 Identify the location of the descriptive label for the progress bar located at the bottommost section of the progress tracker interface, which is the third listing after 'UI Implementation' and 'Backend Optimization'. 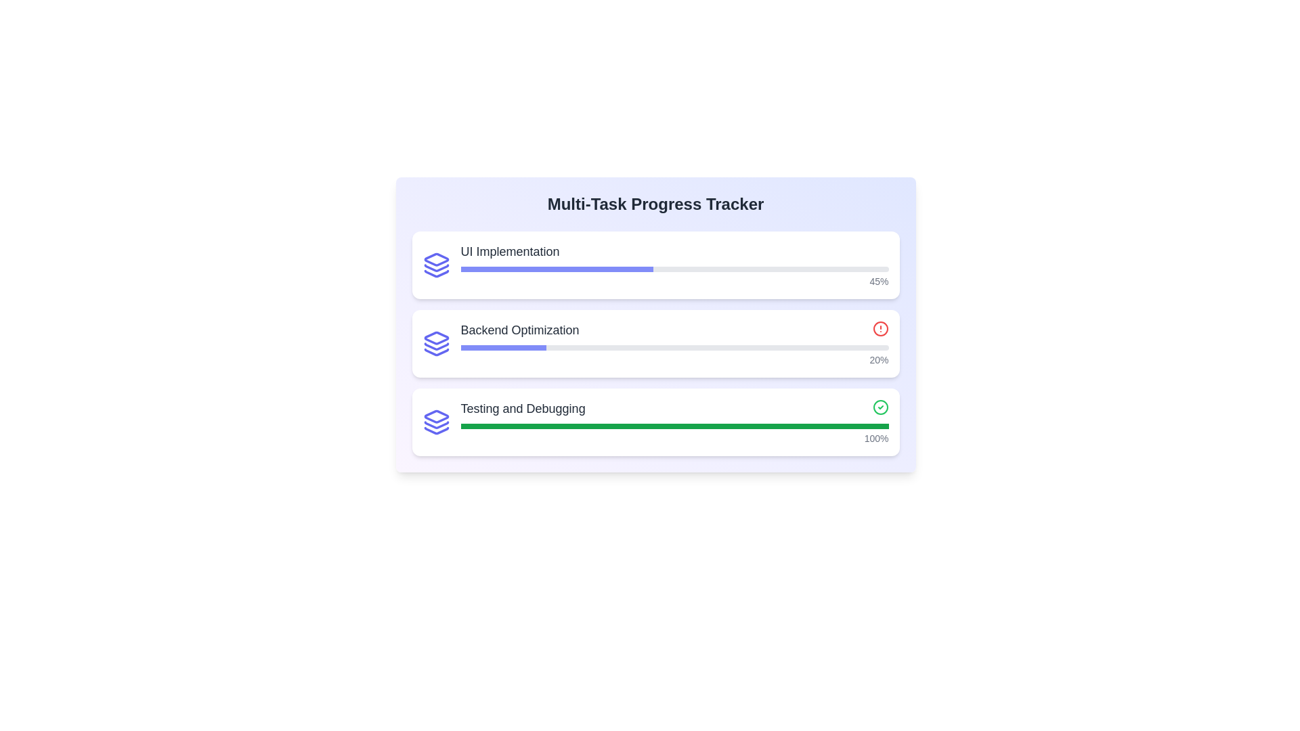
(522, 408).